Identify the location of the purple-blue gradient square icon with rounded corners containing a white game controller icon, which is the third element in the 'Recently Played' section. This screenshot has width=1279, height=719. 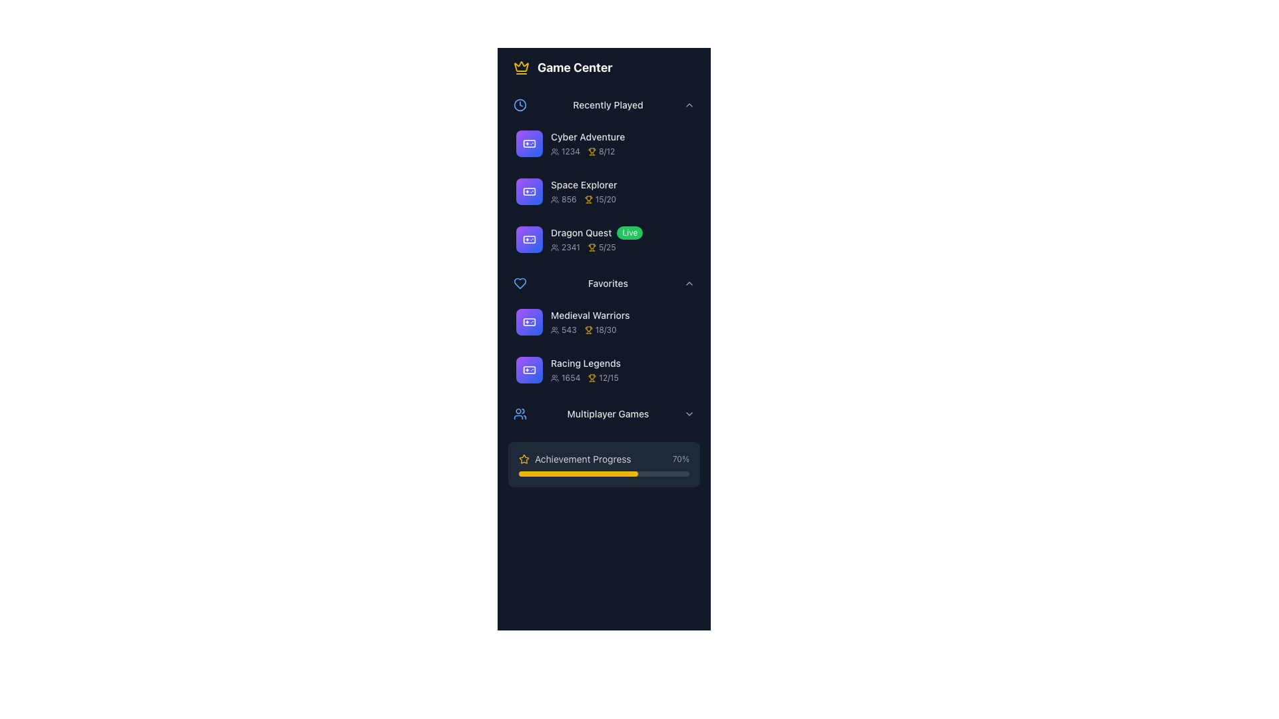
(529, 238).